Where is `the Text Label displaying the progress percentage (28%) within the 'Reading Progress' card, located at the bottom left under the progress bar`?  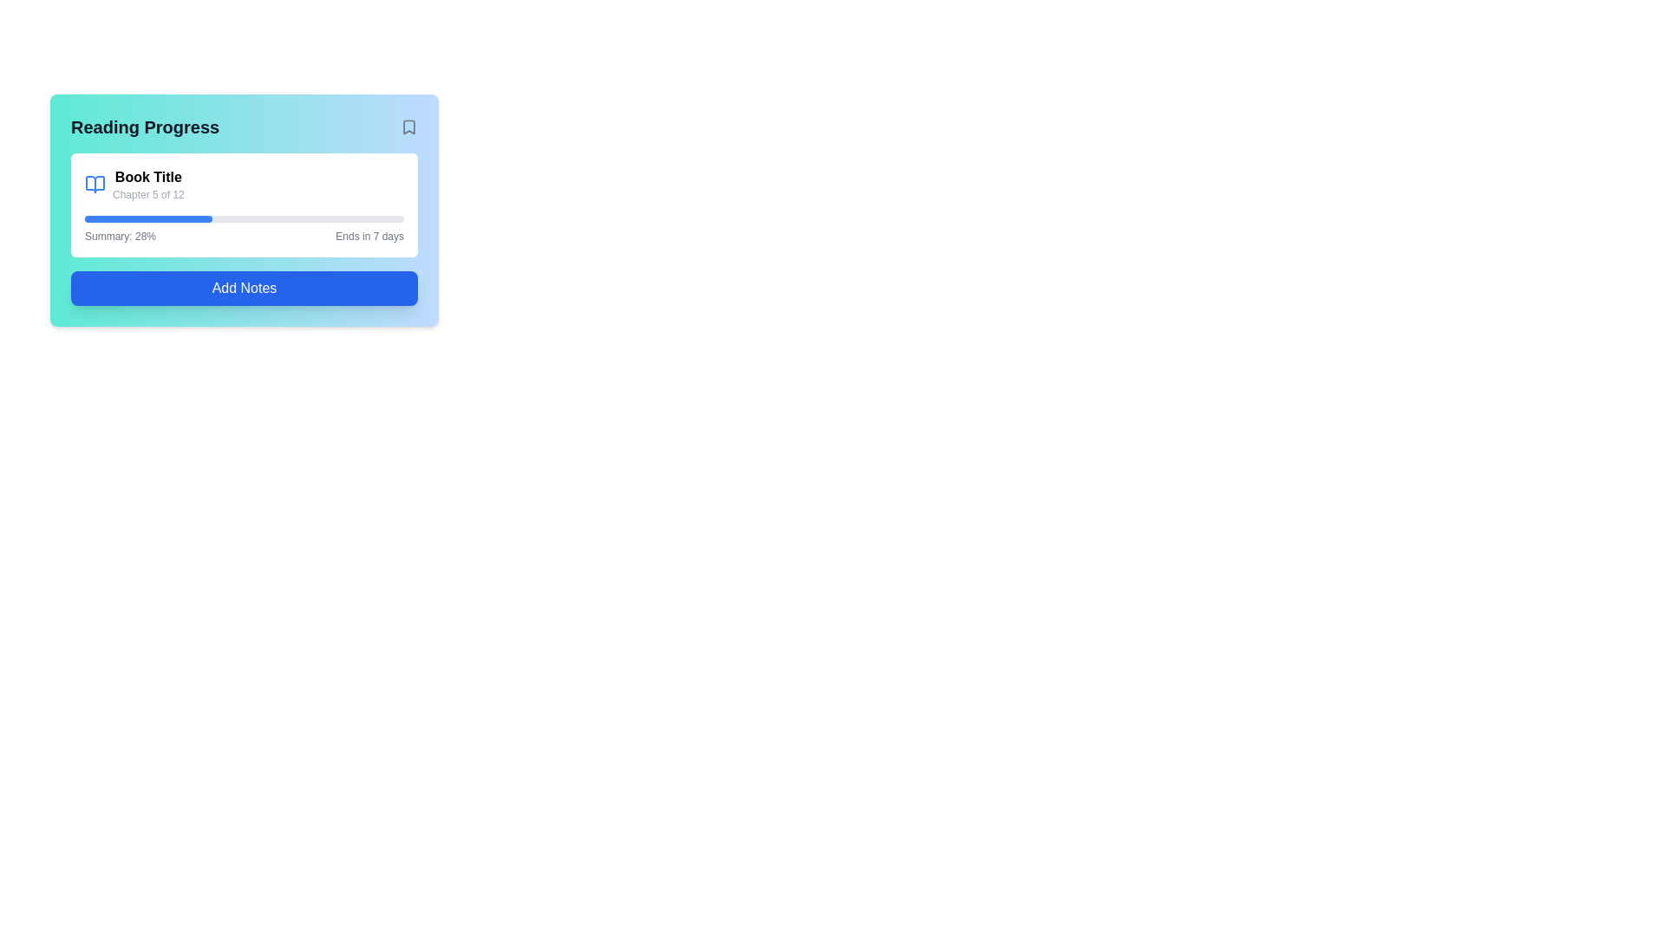
the Text Label displaying the progress percentage (28%) within the 'Reading Progress' card, located at the bottom left under the progress bar is located at coordinates (120, 237).